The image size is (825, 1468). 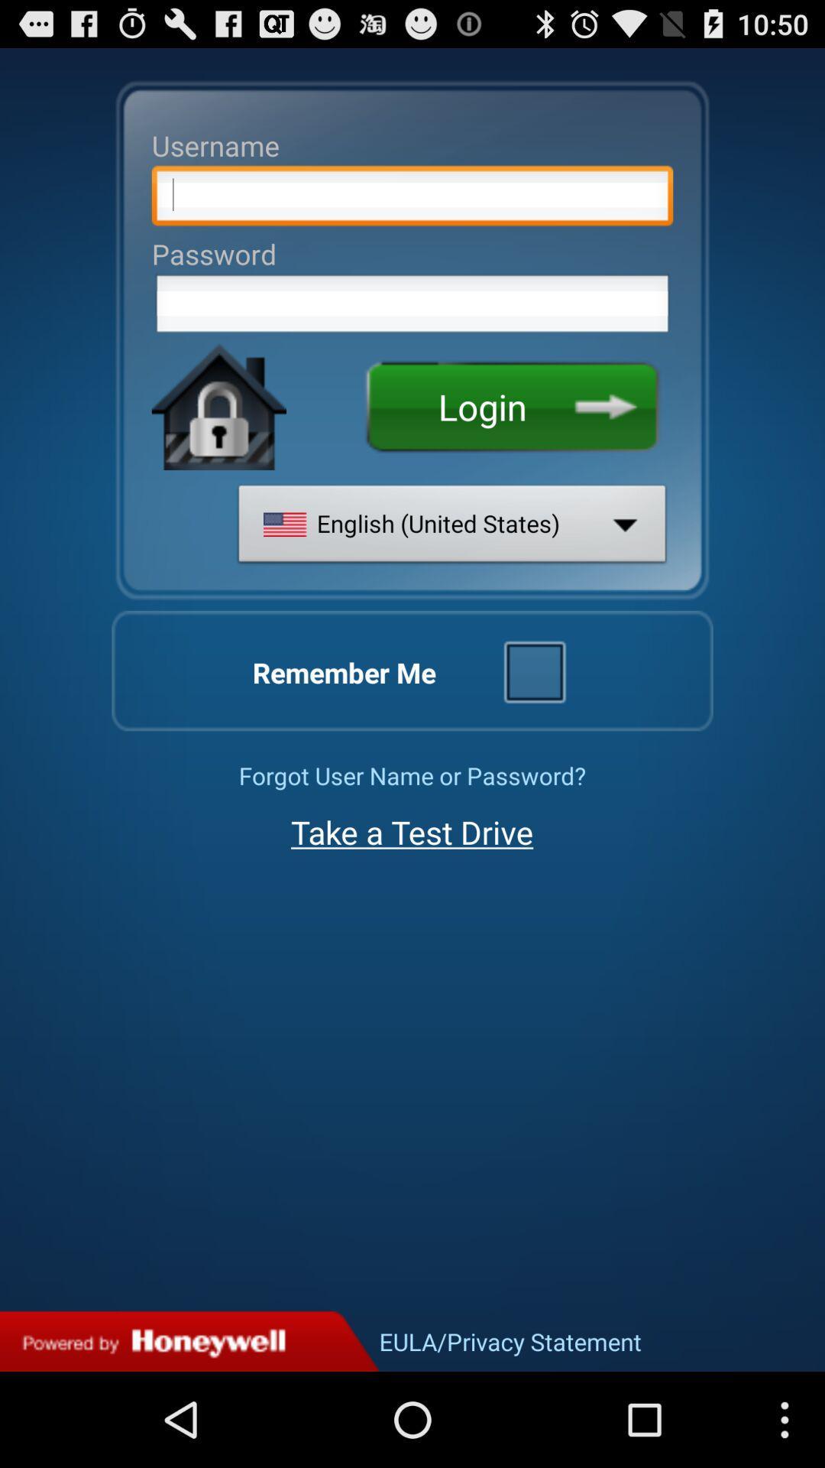 I want to click on privacy statement, so click(x=189, y=1340).